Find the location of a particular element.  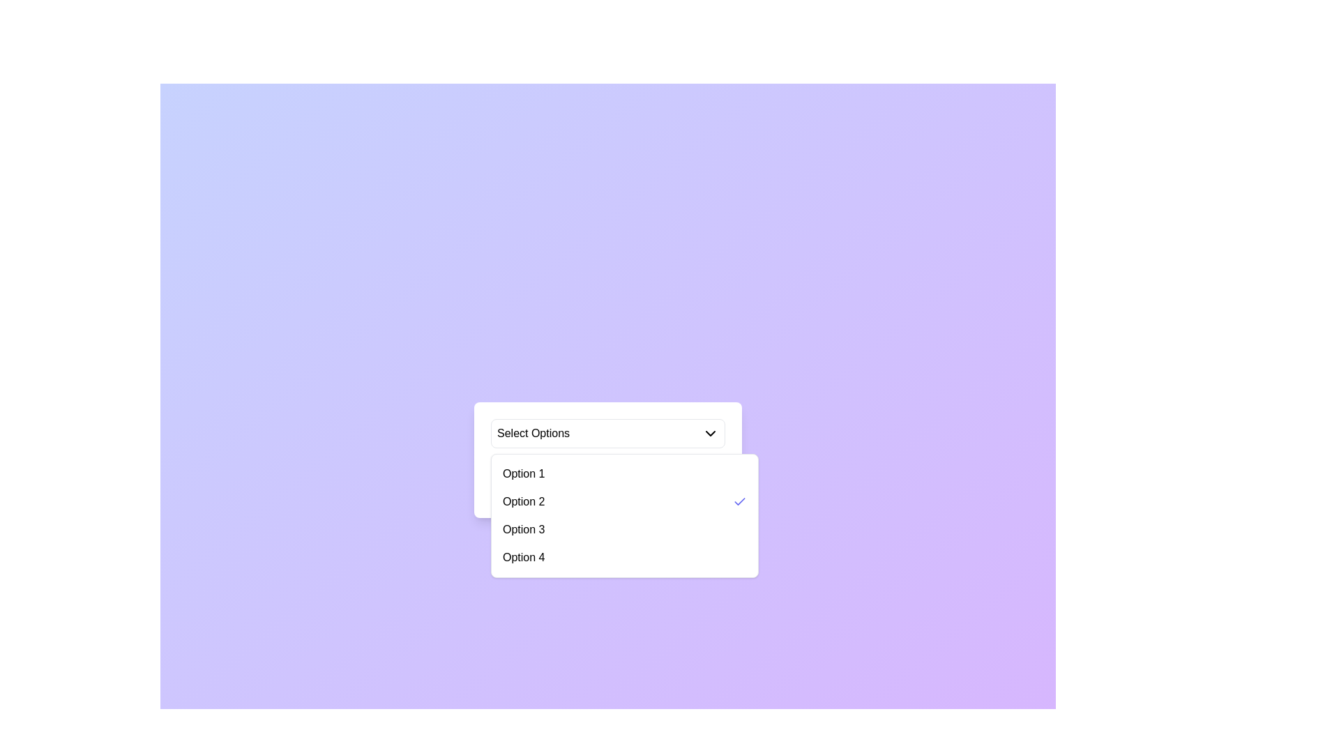

the second item in the dropdown menu to apply hover effects is located at coordinates (624, 502).